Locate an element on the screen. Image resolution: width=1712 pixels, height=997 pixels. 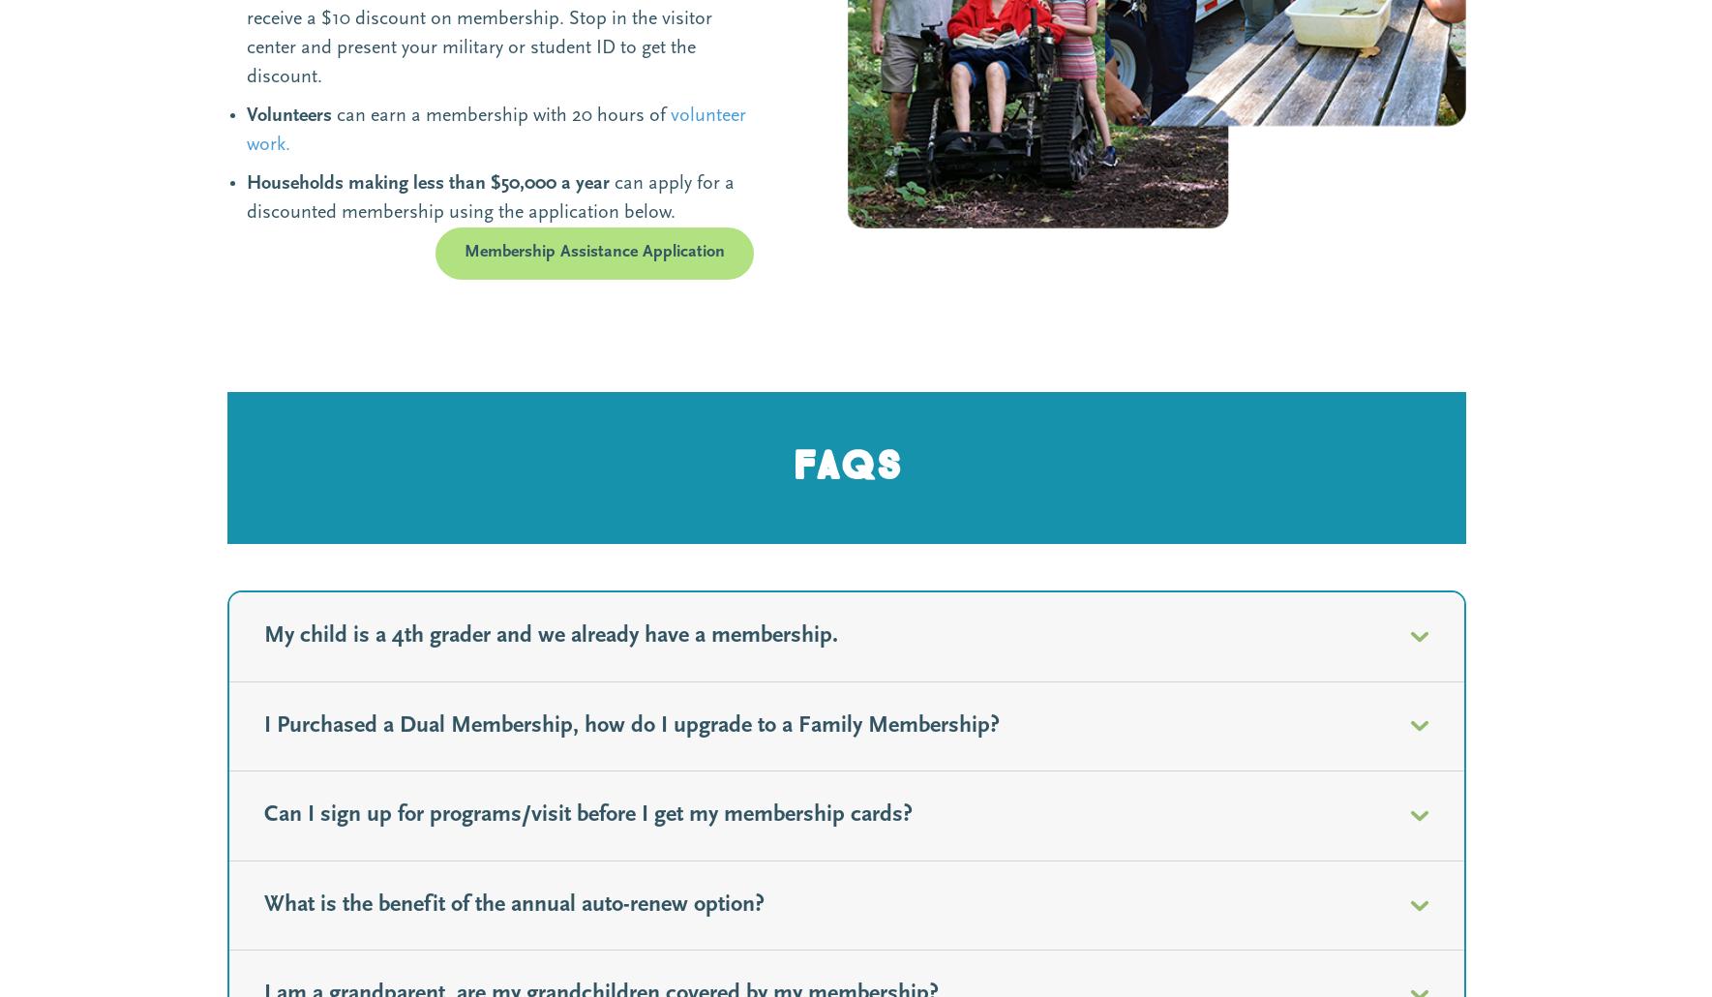
'can earn a membership with 20 hours of' is located at coordinates (499, 114).